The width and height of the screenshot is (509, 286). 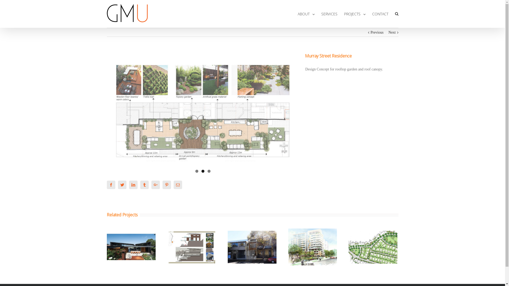 I want to click on 'Facebook', so click(x=110, y=185).